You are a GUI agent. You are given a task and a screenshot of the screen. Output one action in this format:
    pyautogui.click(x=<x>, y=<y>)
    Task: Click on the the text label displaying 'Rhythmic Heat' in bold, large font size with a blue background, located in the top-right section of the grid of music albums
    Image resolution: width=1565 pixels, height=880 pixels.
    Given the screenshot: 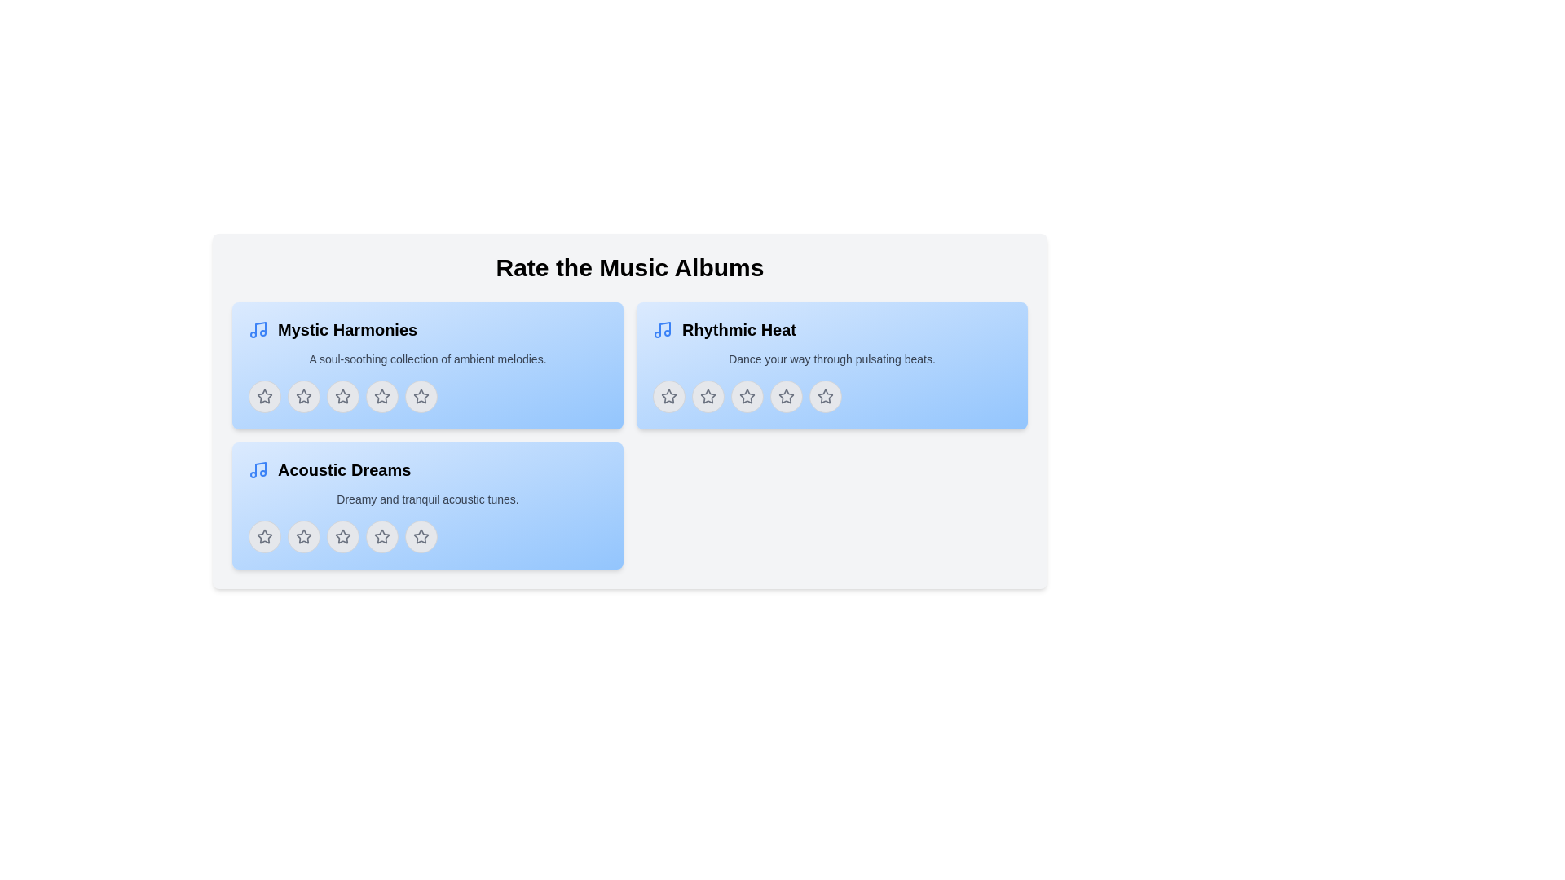 What is the action you would take?
    pyautogui.click(x=738, y=330)
    